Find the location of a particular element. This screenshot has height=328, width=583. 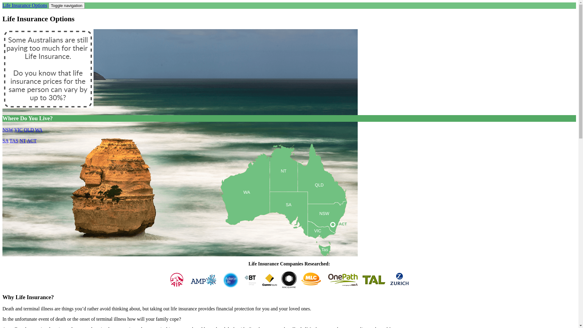

'NT' is located at coordinates (22, 141).